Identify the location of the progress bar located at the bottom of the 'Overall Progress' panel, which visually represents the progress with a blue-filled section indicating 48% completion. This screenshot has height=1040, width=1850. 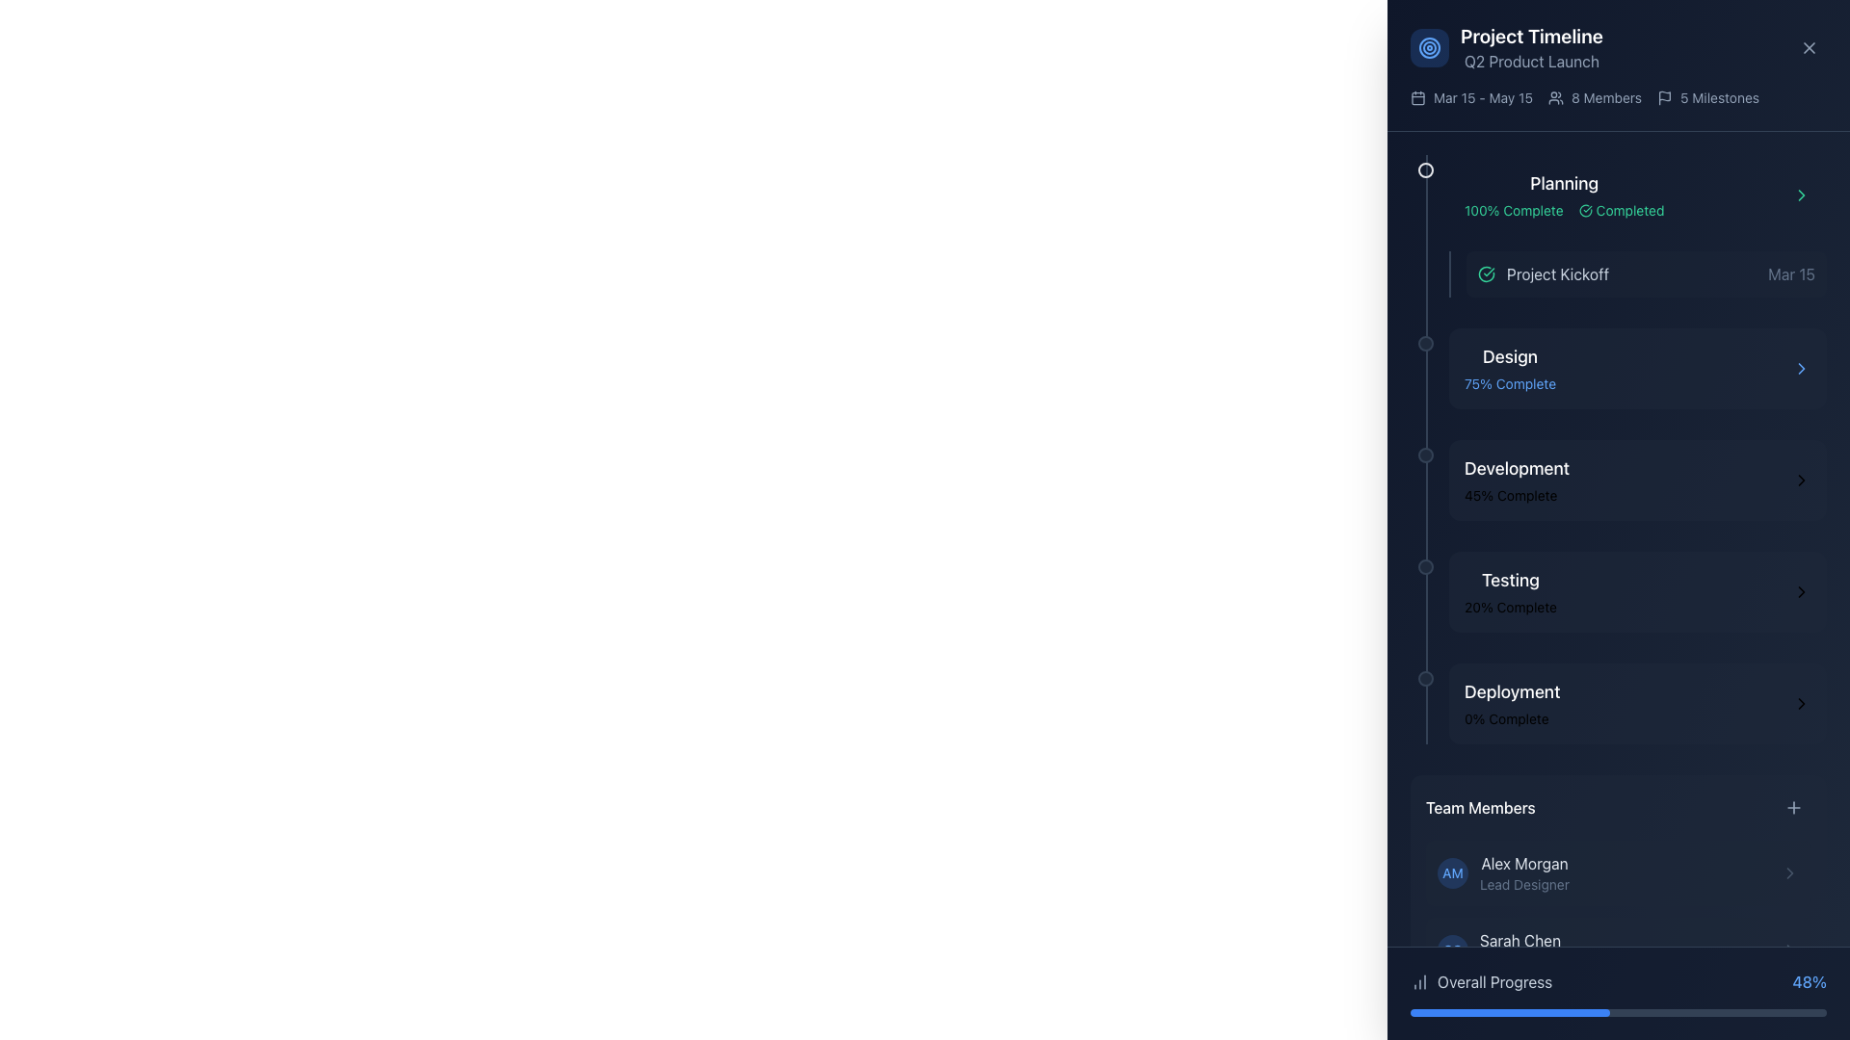
(1619, 1012).